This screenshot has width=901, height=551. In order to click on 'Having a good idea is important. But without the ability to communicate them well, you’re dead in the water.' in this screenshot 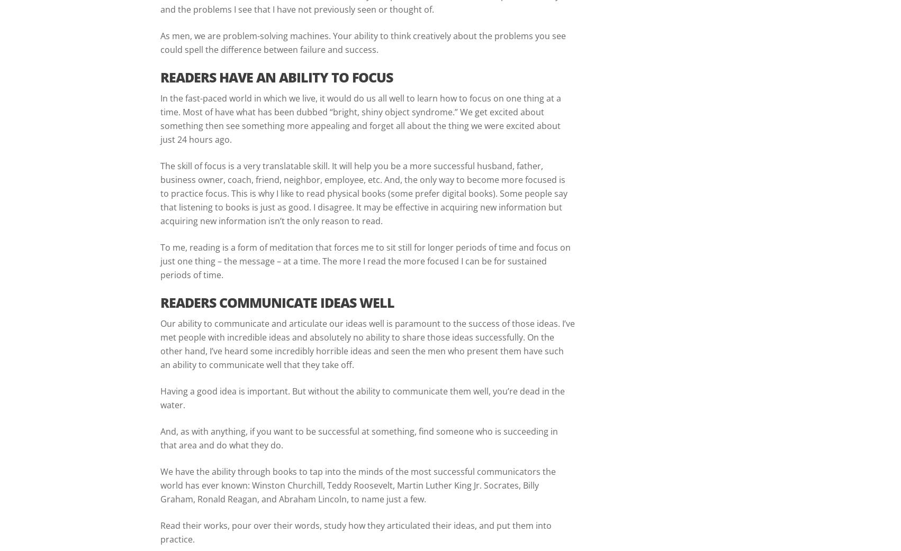, I will do `click(160, 397)`.